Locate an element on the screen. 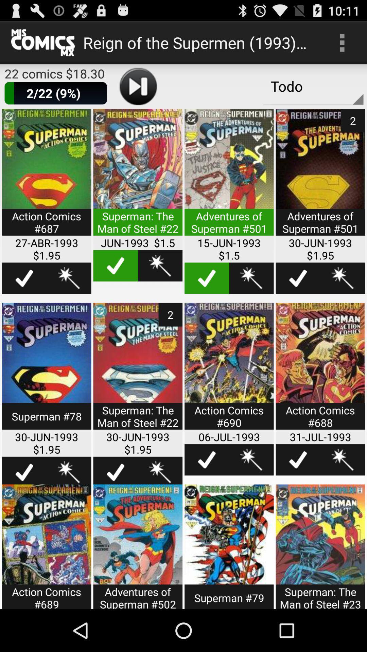 This screenshot has height=652, width=367. select option is located at coordinates (115, 265).